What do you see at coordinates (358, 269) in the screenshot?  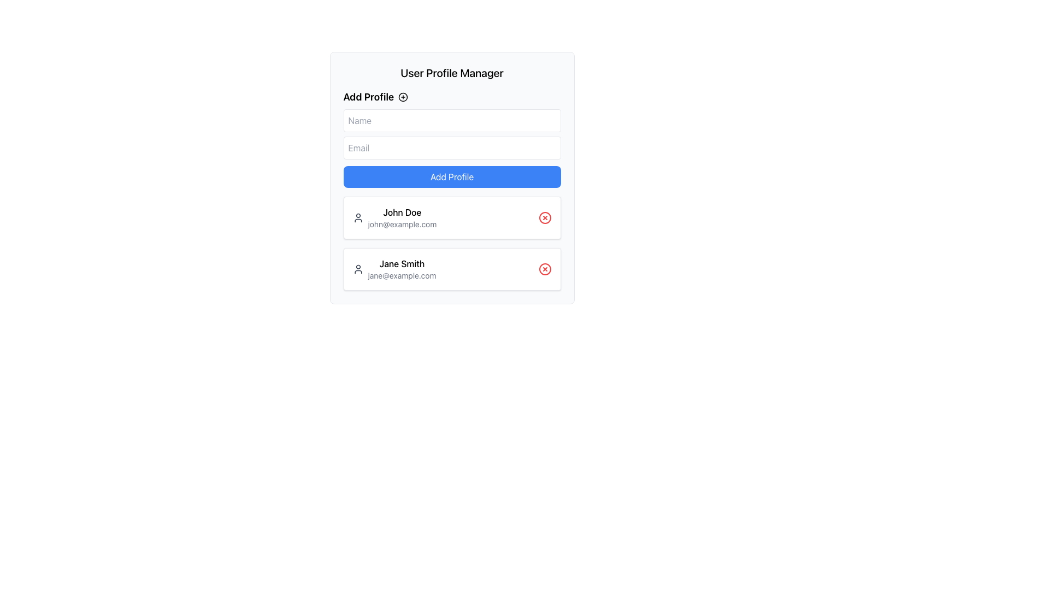 I see `the user profile icon for 'Jane Smith', which is a gray line art styled icon located to the left of the text 'Jane Smith' and 'jane@example.com'` at bounding box center [358, 269].